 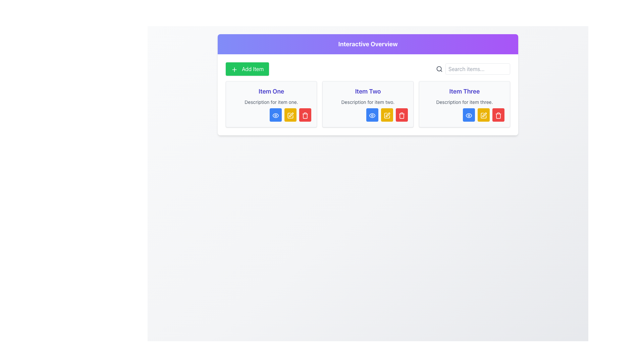 I want to click on the blue icon button located at the bottom of the 'Item Three' card, which has a white background and rounded corners under the 'Interactive Overview' header, so click(x=464, y=104).